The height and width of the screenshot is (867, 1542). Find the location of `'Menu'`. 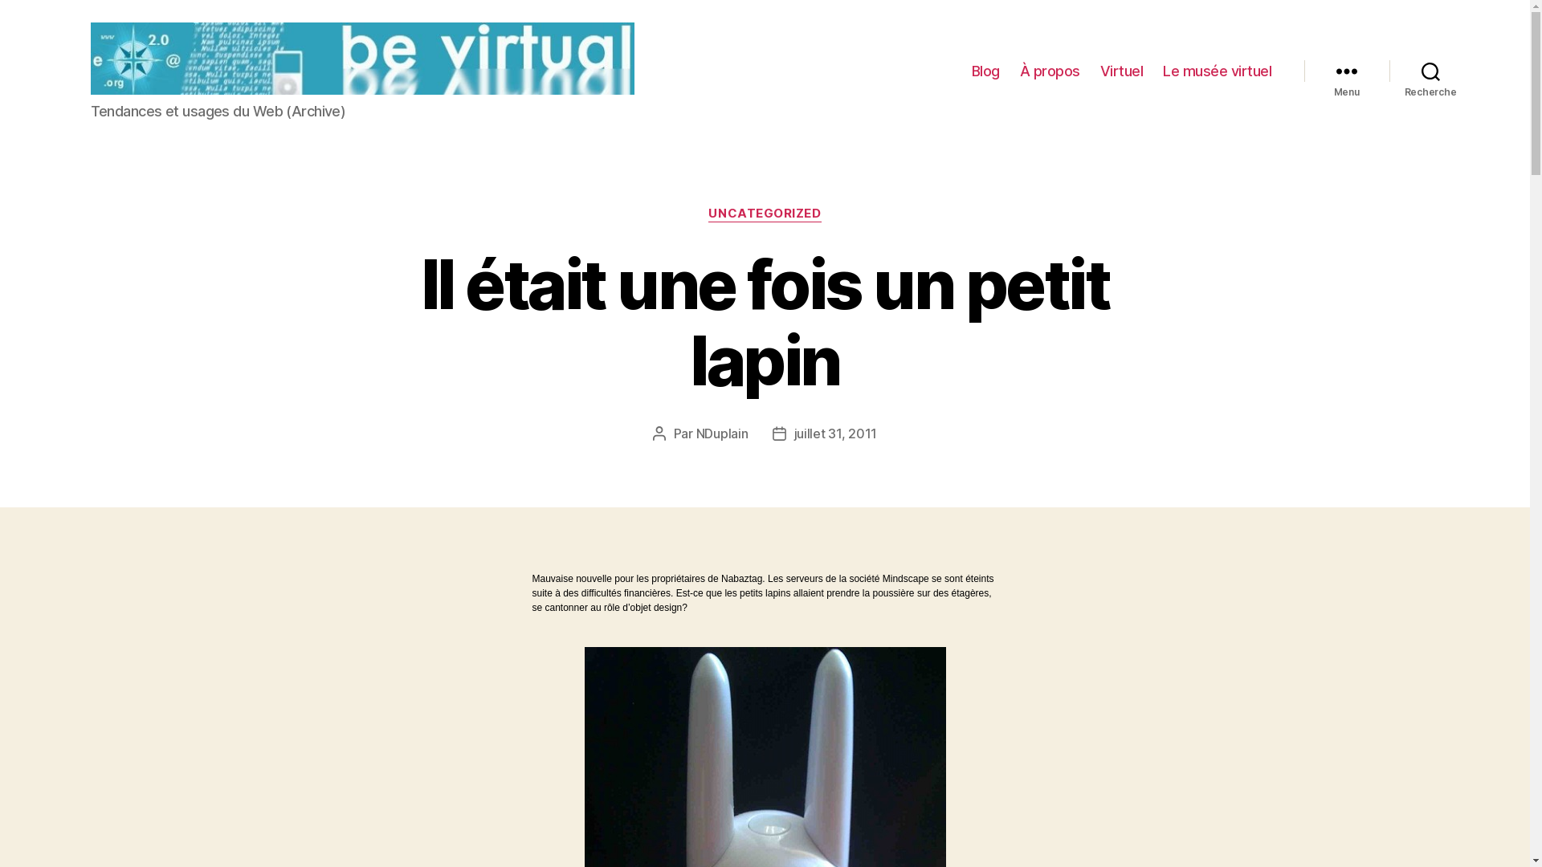

'Menu' is located at coordinates (1303, 70).